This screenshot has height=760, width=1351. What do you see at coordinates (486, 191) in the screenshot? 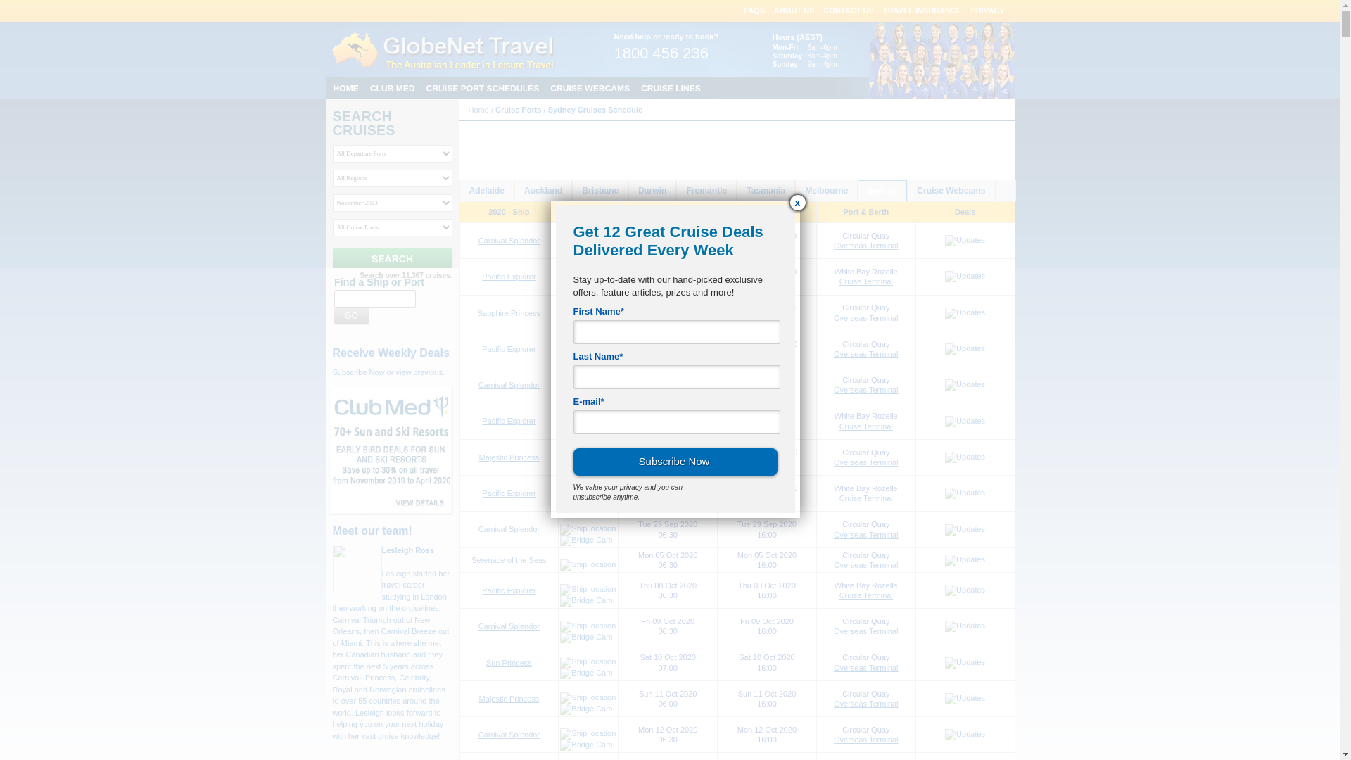
I see `'Adelaide'` at bounding box center [486, 191].